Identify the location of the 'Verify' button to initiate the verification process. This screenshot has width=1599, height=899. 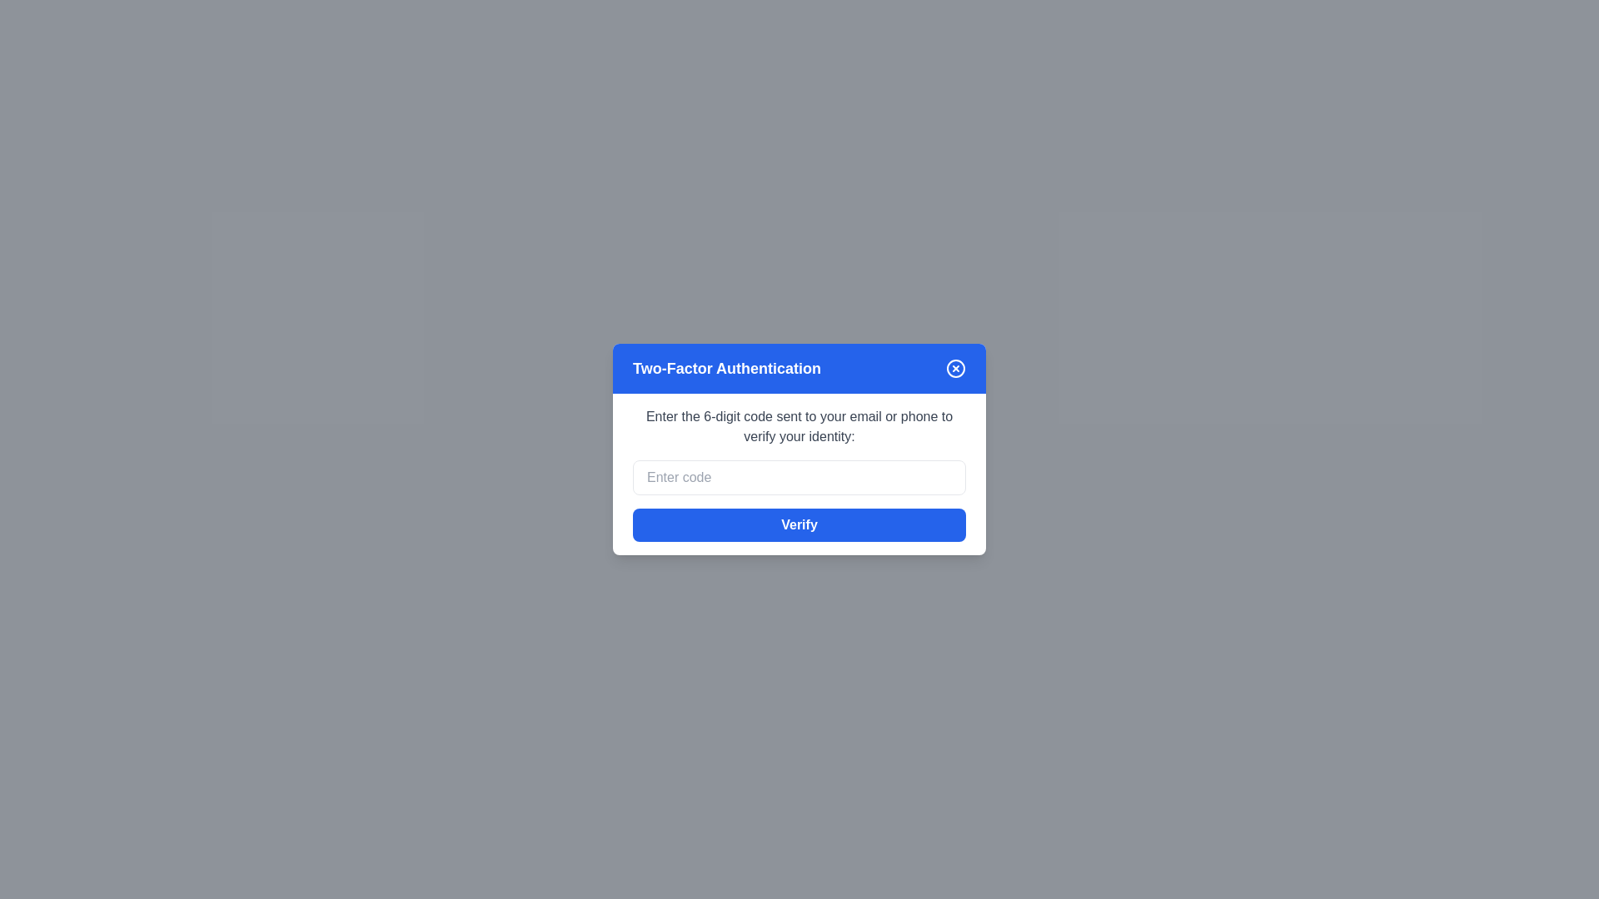
(799, 525).